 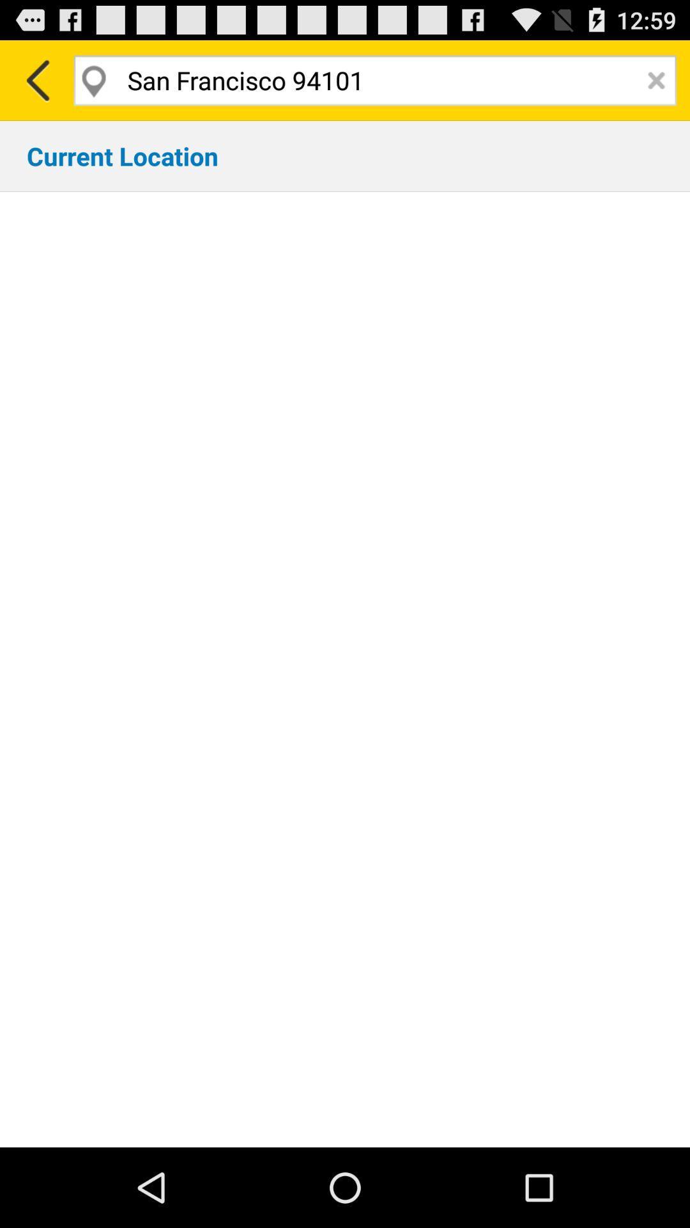 What do you see at coordinates (656, 85) in the screenshot?
I see `the close icon` at bounding box center [656, 85].